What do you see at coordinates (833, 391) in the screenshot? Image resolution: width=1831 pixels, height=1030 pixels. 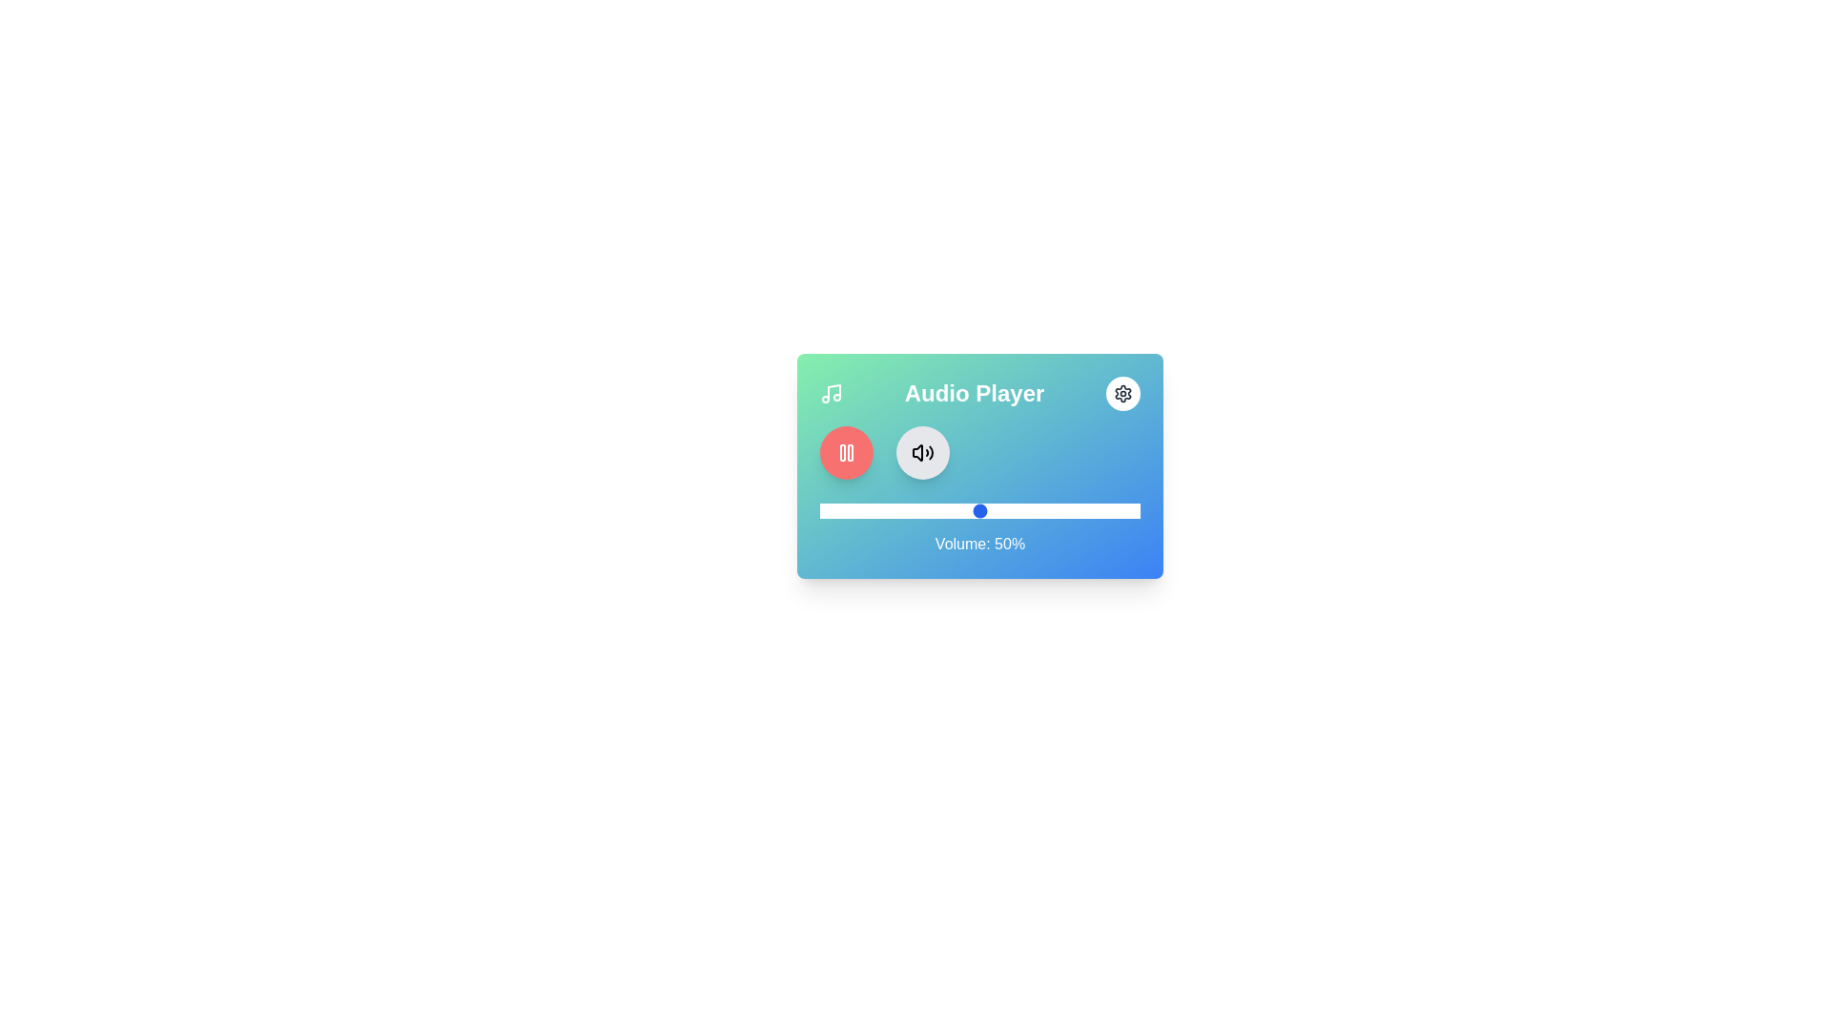 I see `the main body of the musical note shape within the music icon in the audio player's interface` at bounding box center [833, 391].